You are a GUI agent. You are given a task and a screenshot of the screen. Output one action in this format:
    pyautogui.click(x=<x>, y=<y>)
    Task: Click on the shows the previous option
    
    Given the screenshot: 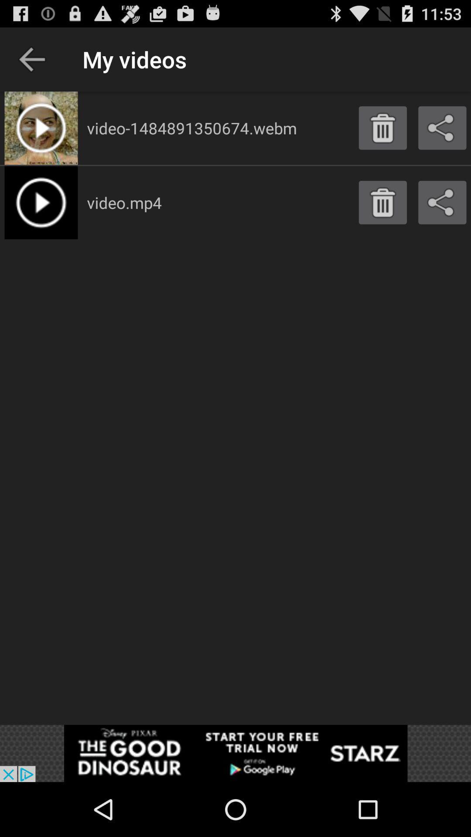 What is the action you would take?
    pyautogui.click(x=31, y=59)
    